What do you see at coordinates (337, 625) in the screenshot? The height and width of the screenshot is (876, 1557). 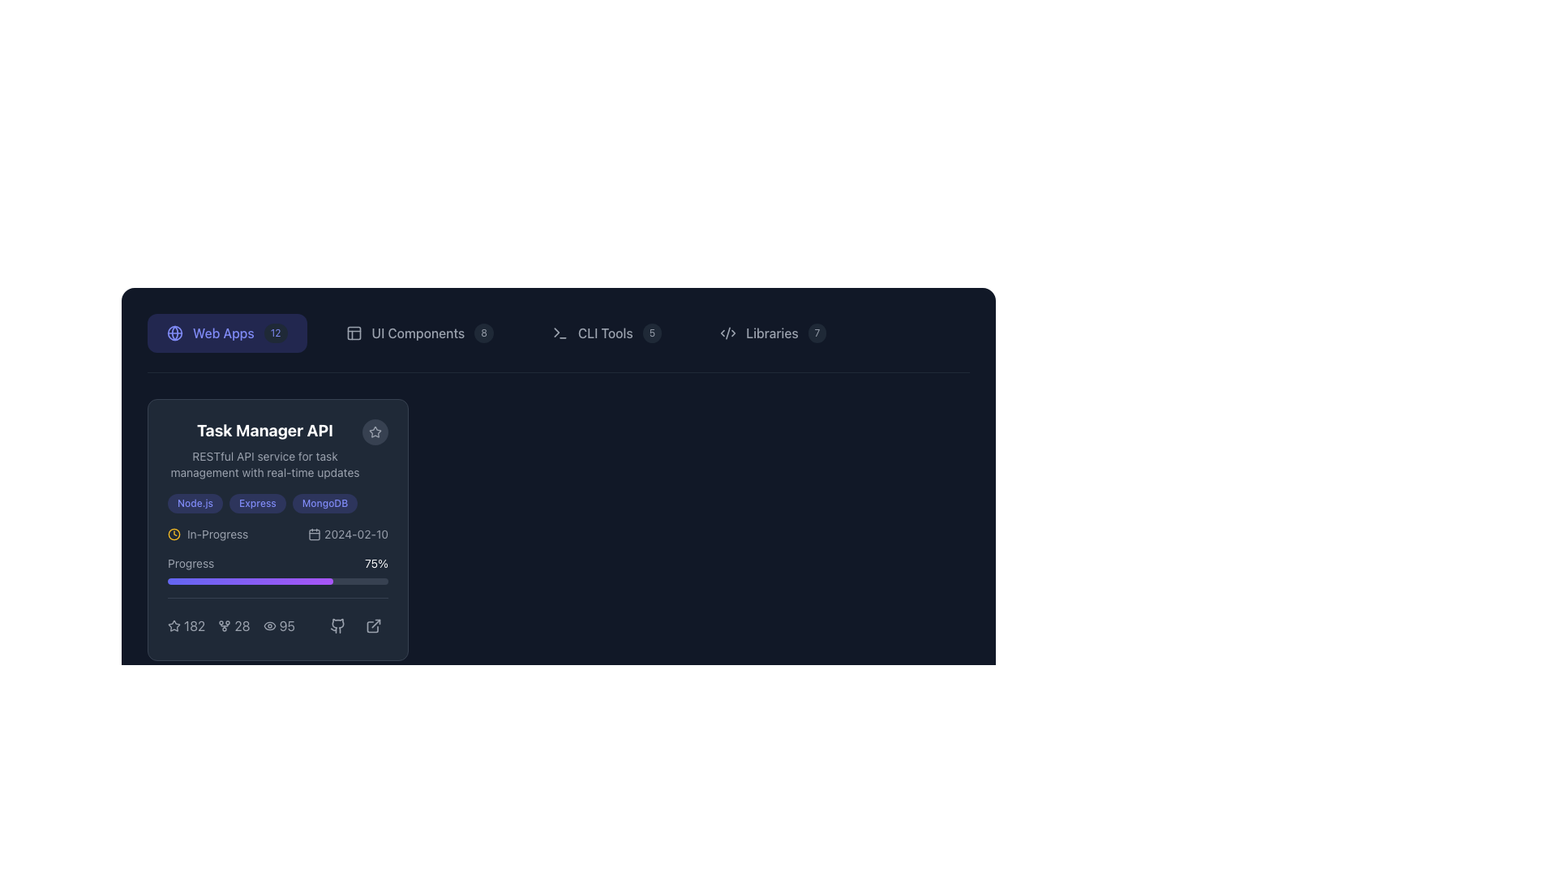 I see `the GitHub icon located at the bottom-right corner of the 'Task Manager API' card, represented by a dark background and light line-based drawing style` at bounding box center [337, 625].